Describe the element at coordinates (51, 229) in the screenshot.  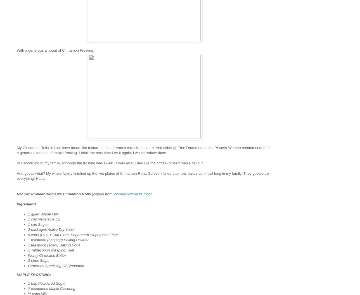
I see `'2 packages Active Dry Yeast'` at that location.